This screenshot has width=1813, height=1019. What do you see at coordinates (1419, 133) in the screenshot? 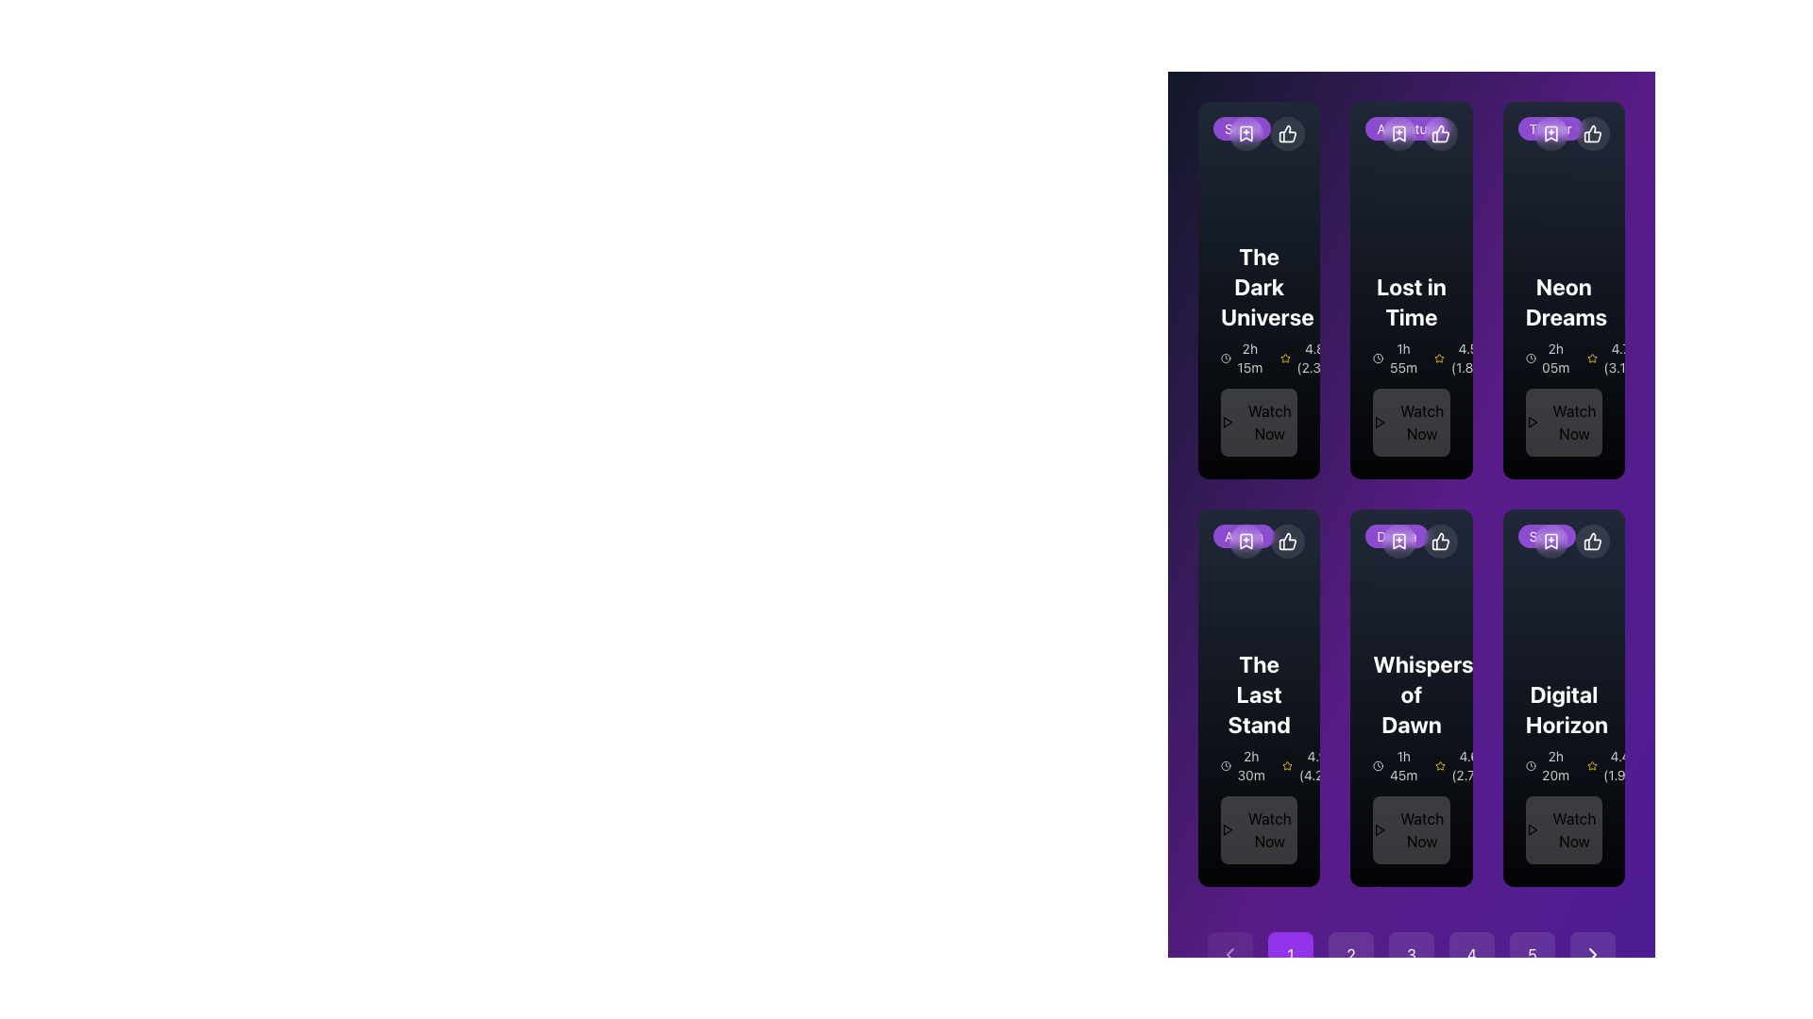
I see `the circular bookmark button located in the upper-right corner of the card displaying the movie 'Lost in Time' to bookmark the movie` at bounding box center [1419, 133].